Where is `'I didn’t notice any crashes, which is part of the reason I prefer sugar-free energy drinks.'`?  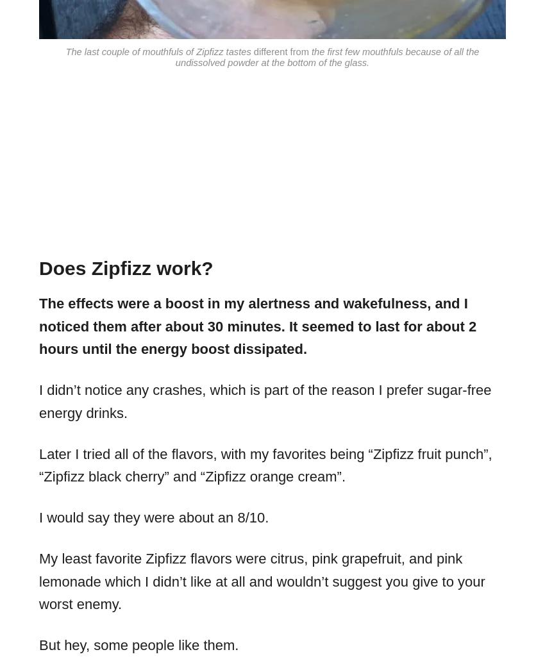
'I didn’t notice any crashes, which is part of the reason I prefer sugar-free energy drinks.' is located at coordinates (265, 401).